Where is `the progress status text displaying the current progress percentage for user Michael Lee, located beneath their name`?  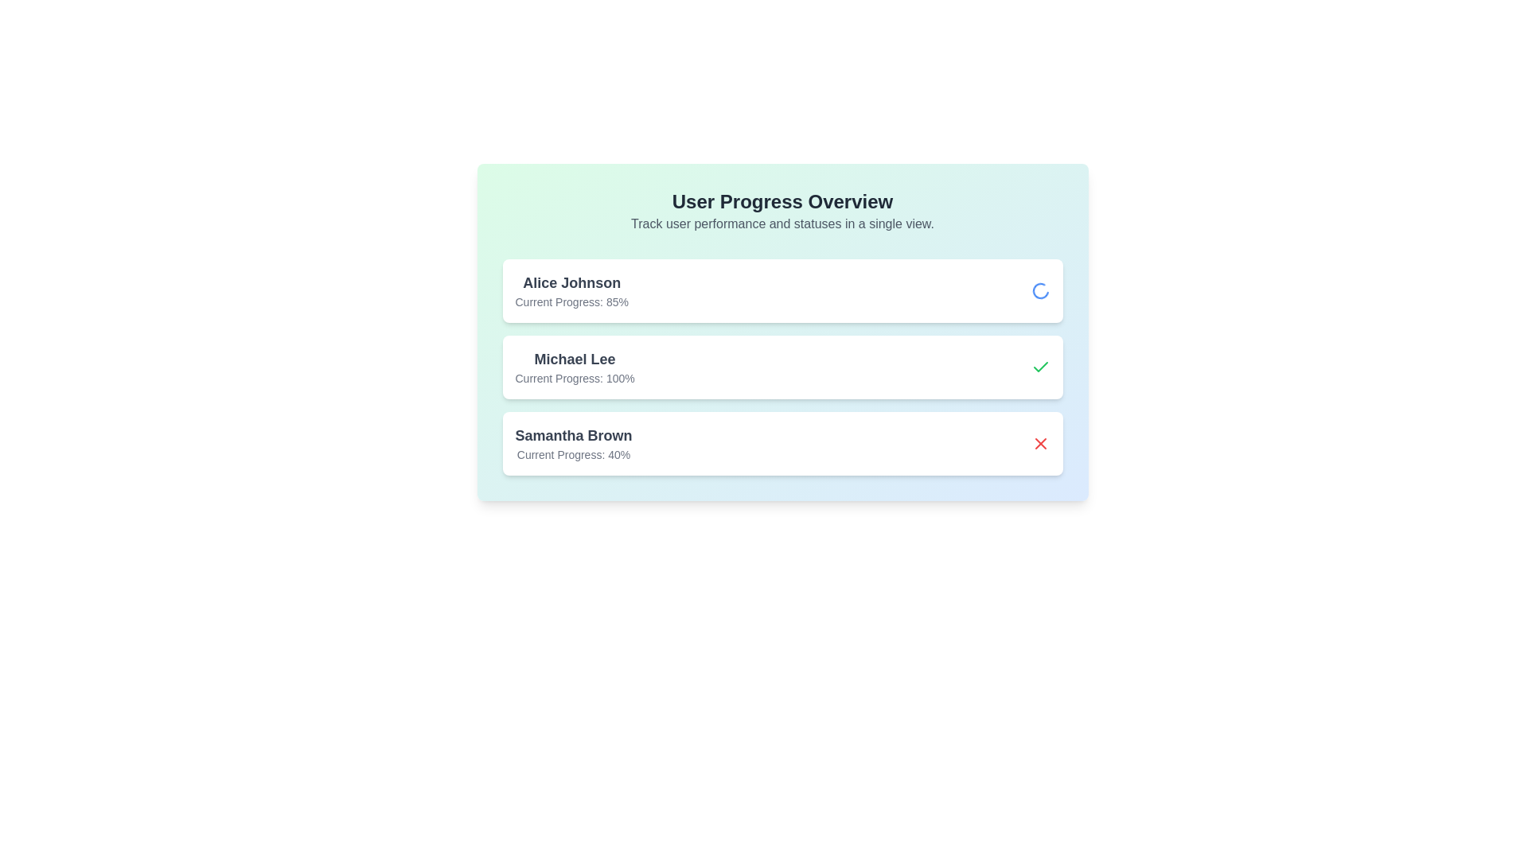 the progress status text displaying the current progress percentage for user Michael Lee, located beneath their name is located at coordinates (574, 378).